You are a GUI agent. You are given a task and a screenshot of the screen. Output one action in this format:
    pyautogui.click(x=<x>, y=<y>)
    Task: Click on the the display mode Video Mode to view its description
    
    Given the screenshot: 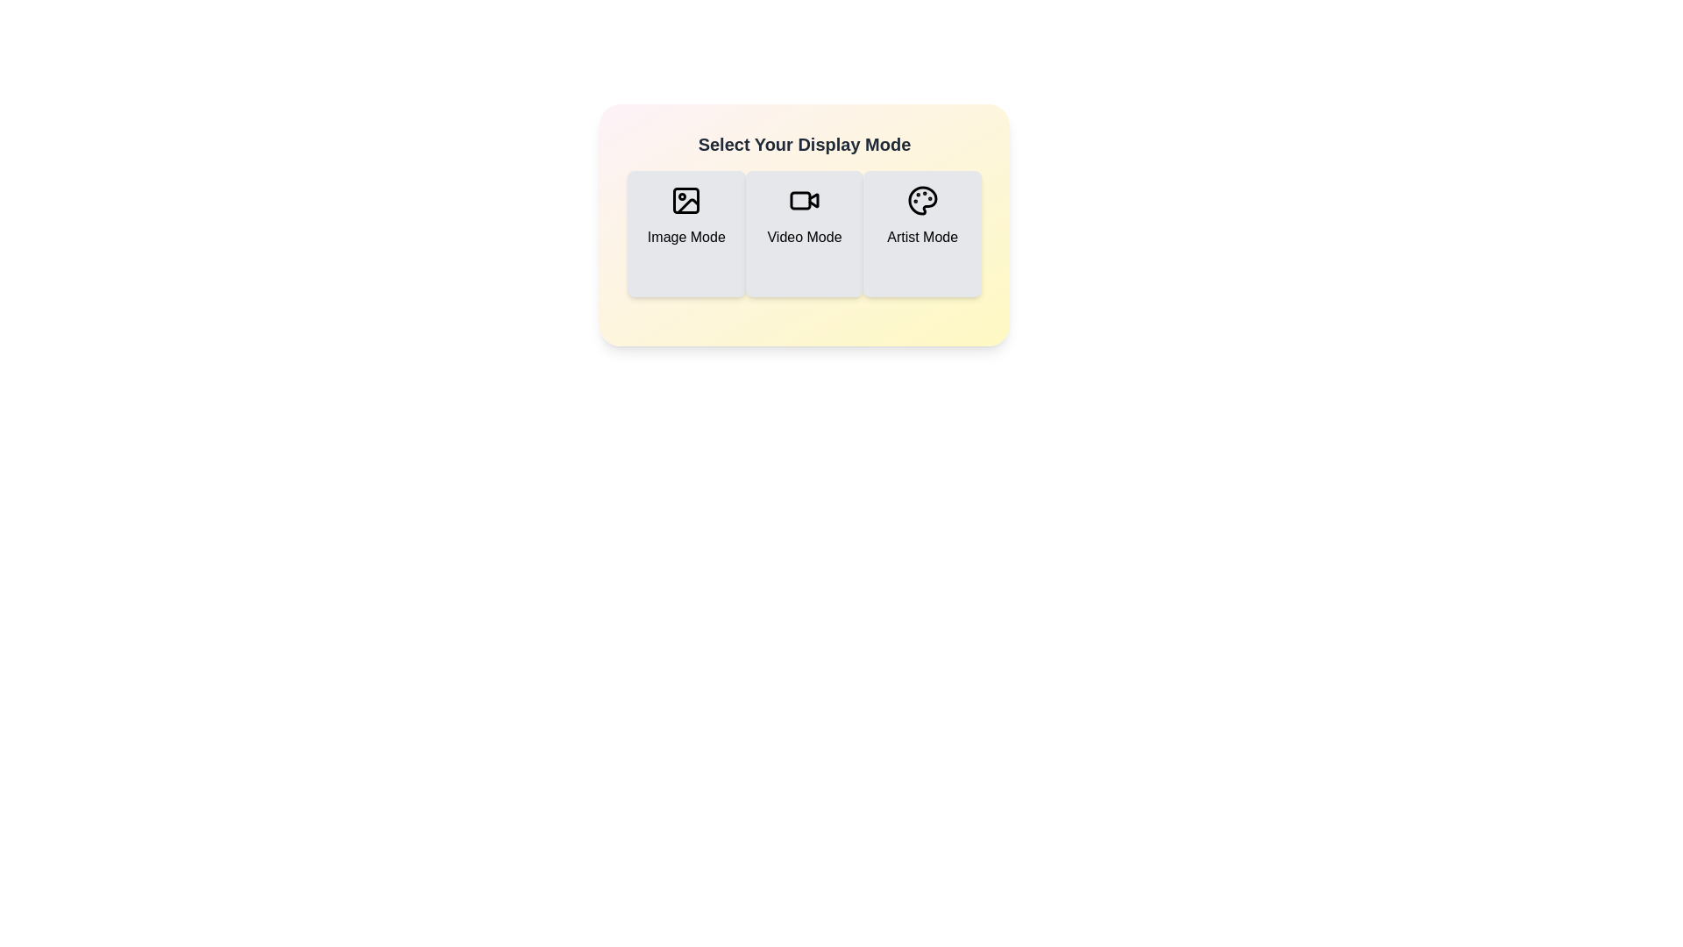 What is the action you would take?
    pyautogui.click(x=803, y=232)
    